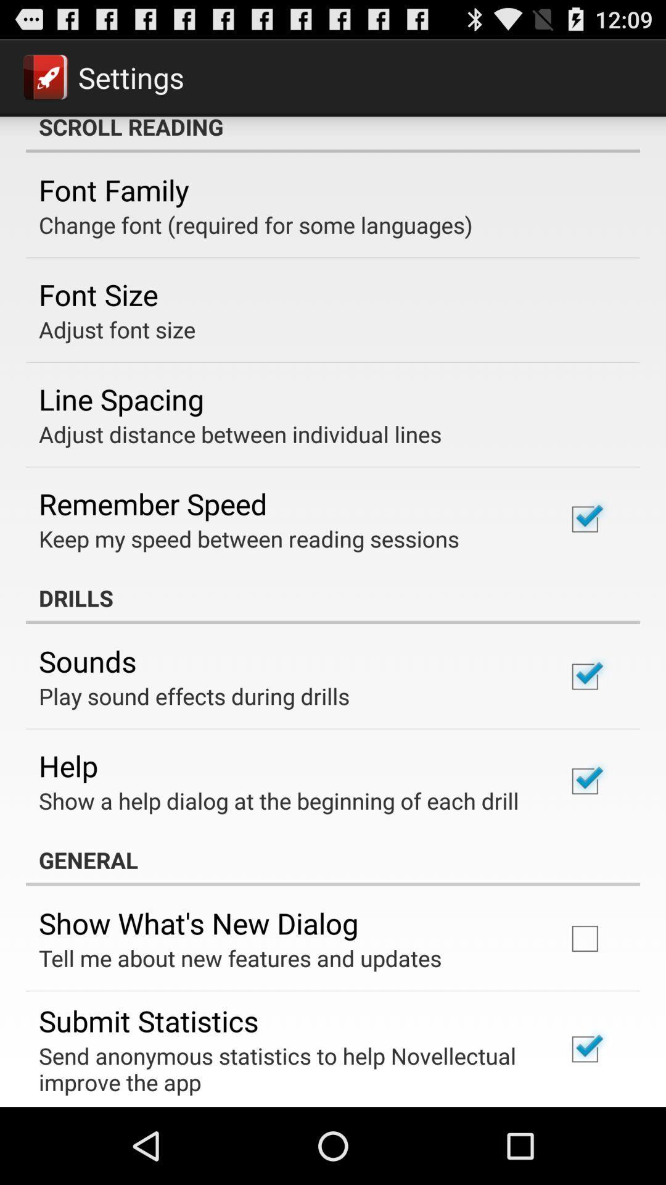 The image size is (666, 1185). What do you see at coordinates (121, 399) in the screenshot?
I see `the item below adjust font size icon` at bounding box center [121, 399].